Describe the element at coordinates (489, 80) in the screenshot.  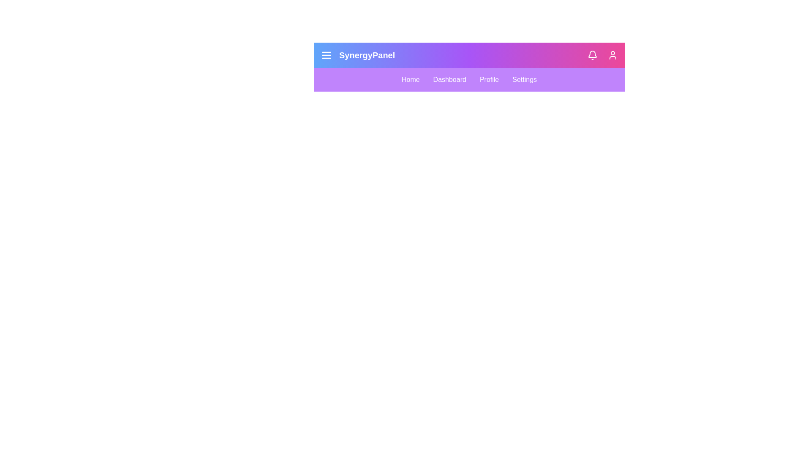
I see `the navigation link labeled Profile to observe its hover effect` at that location.